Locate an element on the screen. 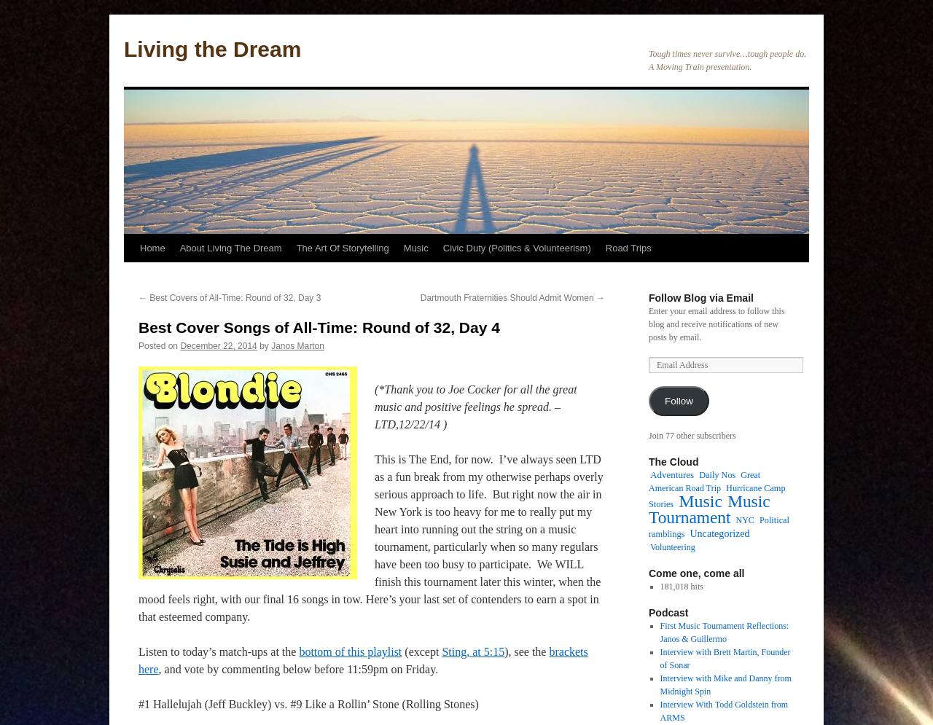 The height and width of the screenshot is (725, 933). 'Interview With Todd Goldstein from ARMS' is located at coordinates (724, 710).